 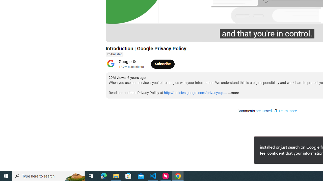 What do you see at coordinates (195, 93) in the screenshot?
I see `'http://policies.google.com/privacy/up...'` at bounding box center [195, 93].